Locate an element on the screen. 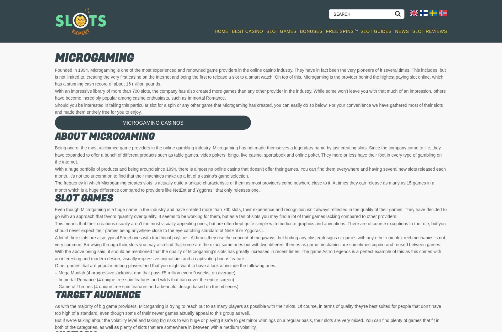 The image size is (502, 332). 'Double bonus poker' is located at coordinates (283, 231).